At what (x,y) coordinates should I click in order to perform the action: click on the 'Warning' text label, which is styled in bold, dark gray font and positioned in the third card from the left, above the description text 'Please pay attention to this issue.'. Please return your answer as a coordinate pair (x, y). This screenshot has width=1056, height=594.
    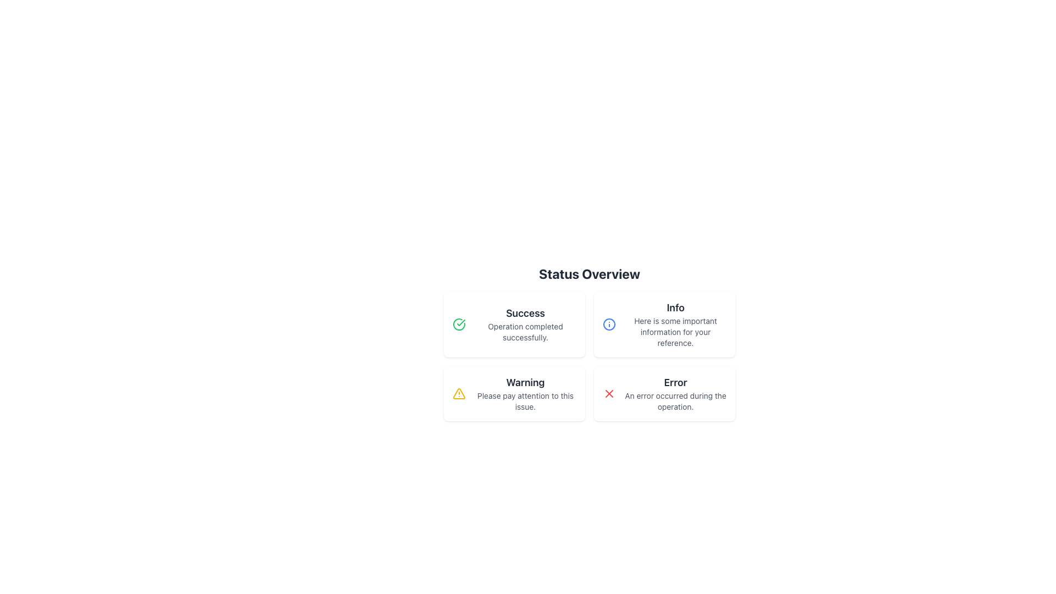
    Looking at the image, I should click on (525, 382).